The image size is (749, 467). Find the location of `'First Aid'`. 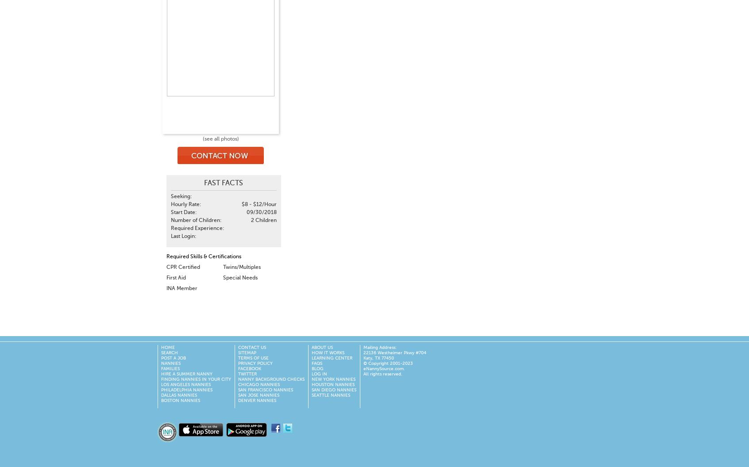

'First Aid' is located at coordinates (176, 277).